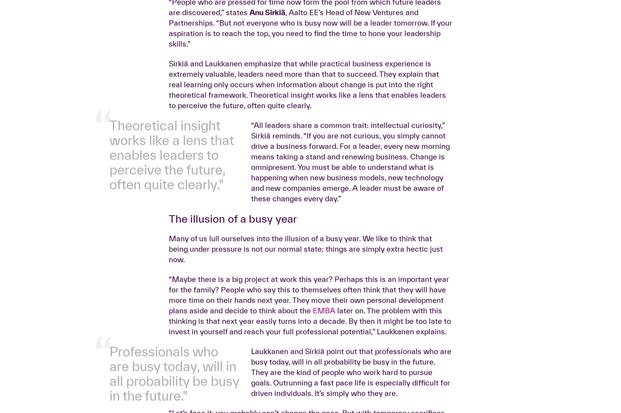 The width and height of the screenshot is (621, 413). Describe the element at coordinates (307, 72) in the screenshot. I see `'“Do you know what the most common message we get from our alumni is? They say that the EMBA was one of their all-time best decisions–and their only regret is that they did not start sooner,” describes Dr.'` at that location.